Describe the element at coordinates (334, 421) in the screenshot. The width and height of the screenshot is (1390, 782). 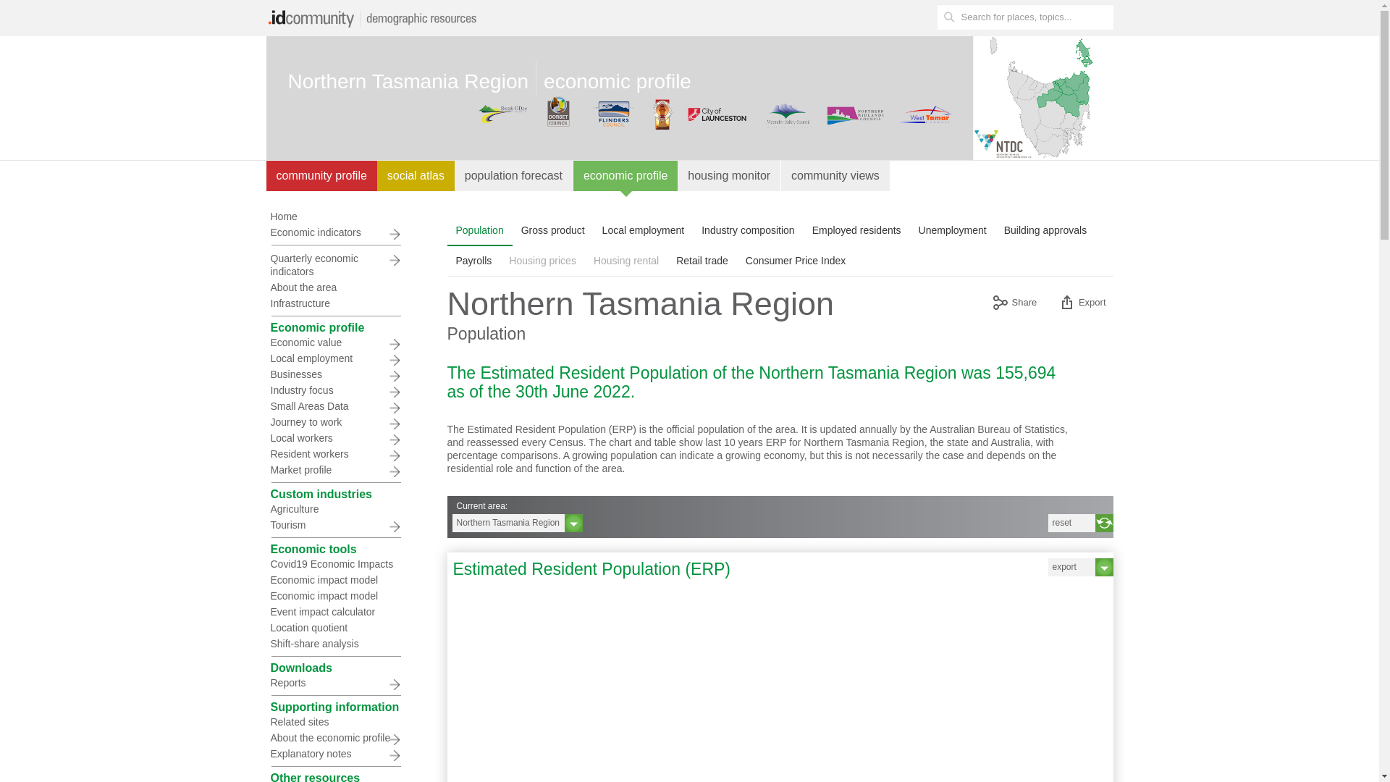
I see `'Journey to work` at that location.